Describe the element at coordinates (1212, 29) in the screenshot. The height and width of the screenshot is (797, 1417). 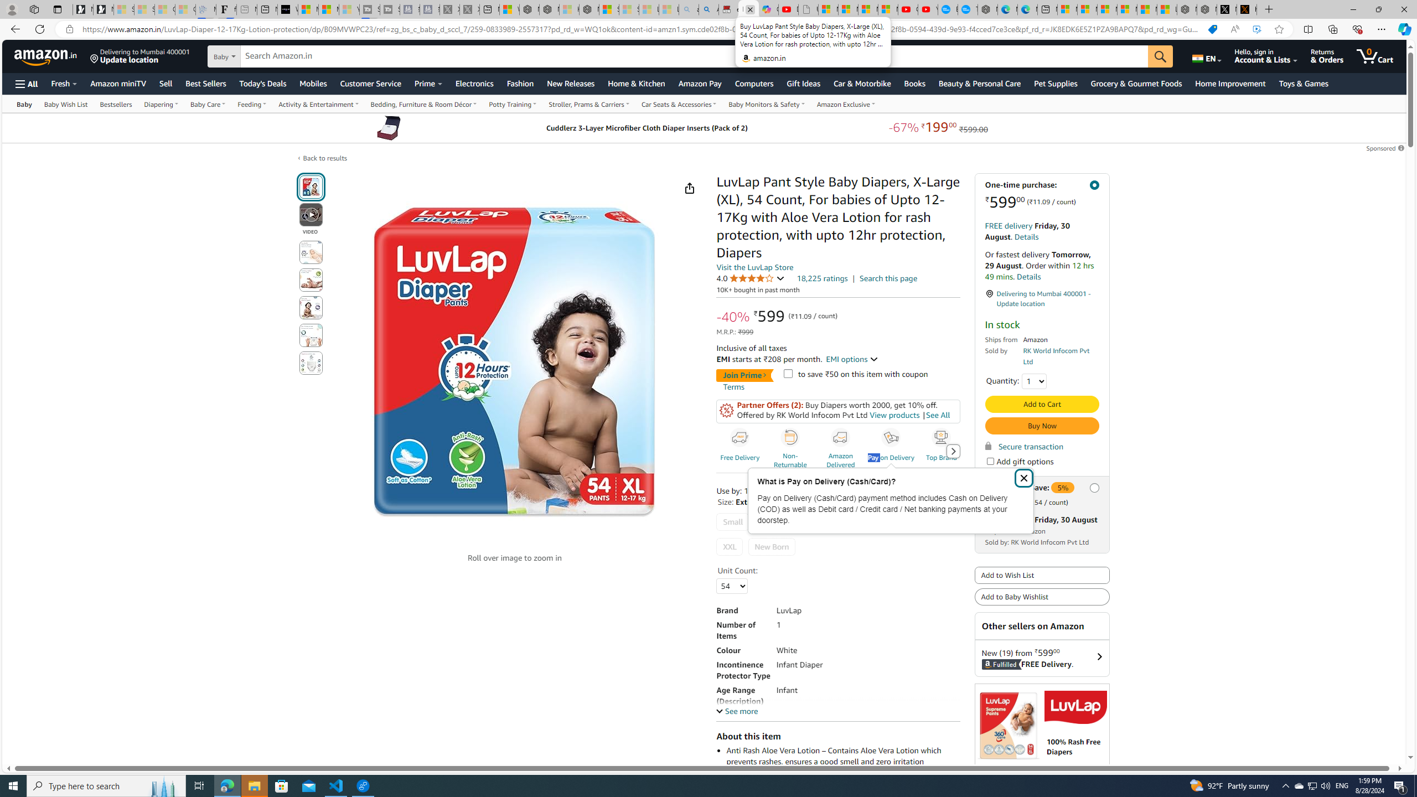
I see `'You have the best price! Shopping in Microsoft Edge'` at that location.